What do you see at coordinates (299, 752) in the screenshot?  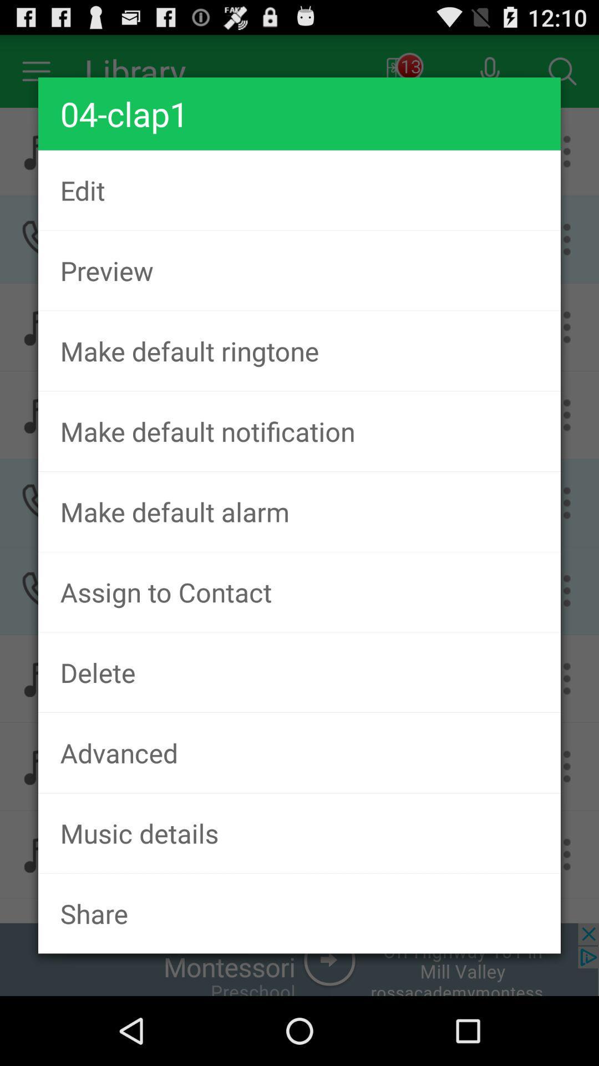 I see `the item below delete app` at bounding box center [299, 752].